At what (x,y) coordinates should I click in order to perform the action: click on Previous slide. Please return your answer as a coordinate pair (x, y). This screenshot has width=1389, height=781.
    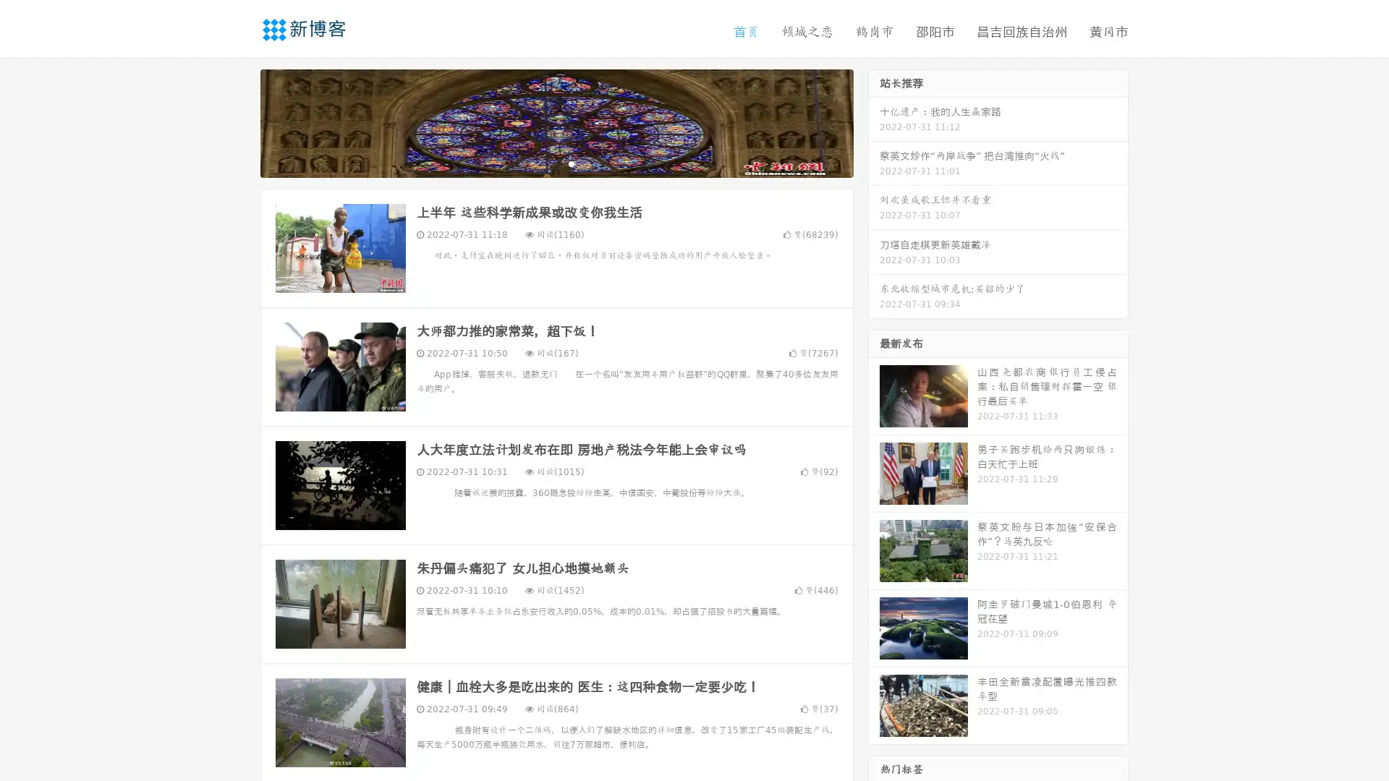
    Looking at the image, I should click on (239, 121).